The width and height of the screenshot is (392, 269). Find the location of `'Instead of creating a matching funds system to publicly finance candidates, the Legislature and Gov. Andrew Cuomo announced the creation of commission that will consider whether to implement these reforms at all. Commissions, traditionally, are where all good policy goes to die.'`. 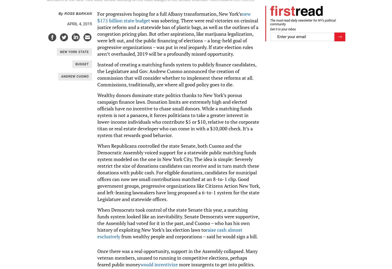

'Instead of creating a matching funds system to publicly finance candidates, the Legislature and Gov. Andrew Cuomo announced the creation of commission that will consider whether to implement these reforms at all. Commissions, traditionally, are where all good policy goes to die.' is located at coordinates (176, 74).